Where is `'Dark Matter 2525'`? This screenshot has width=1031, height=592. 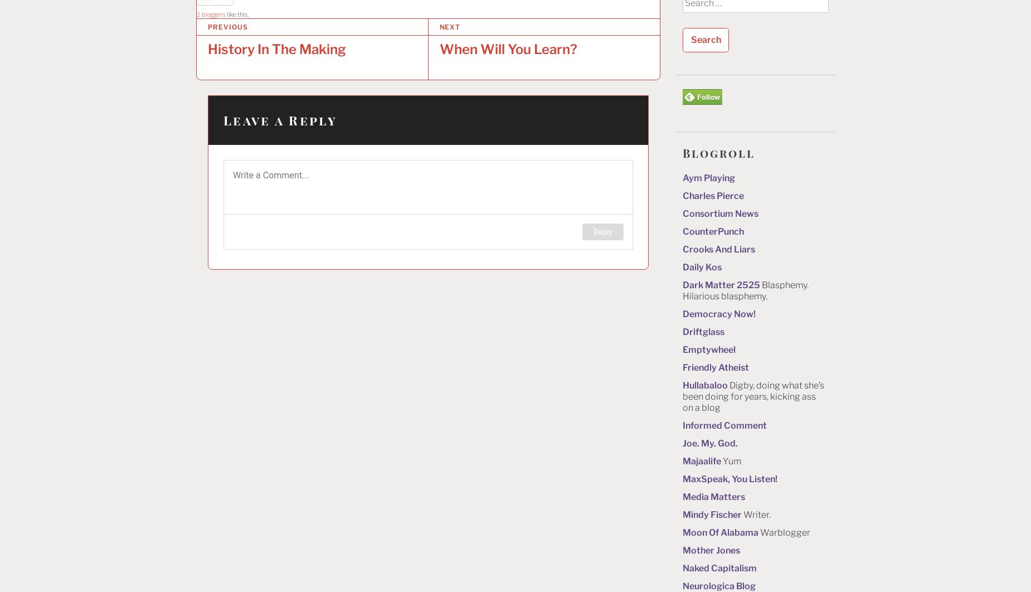
'Dark Matter 2525' is located at coordinates (721, 284).